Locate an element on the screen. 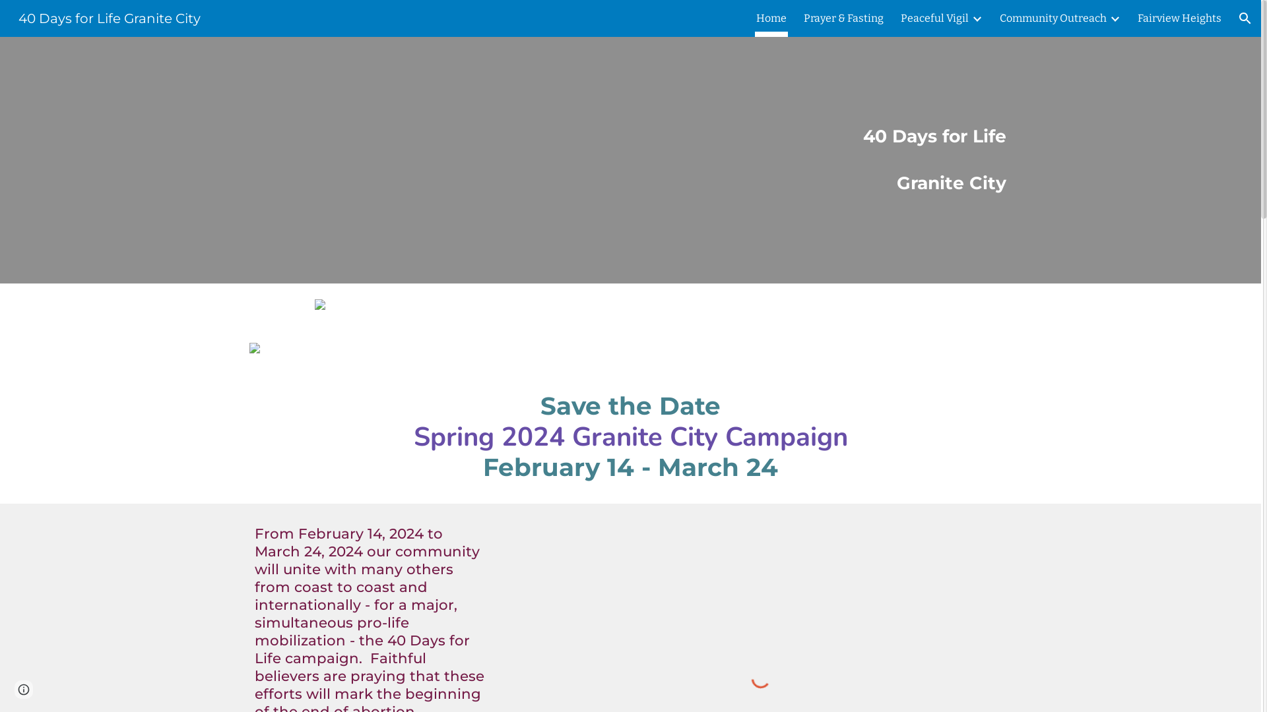 Image resolution: width=1267 pixels, height=712 pixels. 'Expand/Collapse' is located at coordinates (976, 18).